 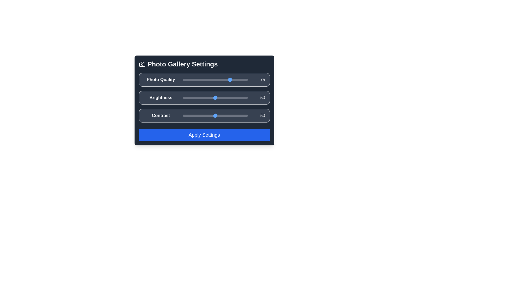 I want to click on the brightness, so click(x=244, y=97).